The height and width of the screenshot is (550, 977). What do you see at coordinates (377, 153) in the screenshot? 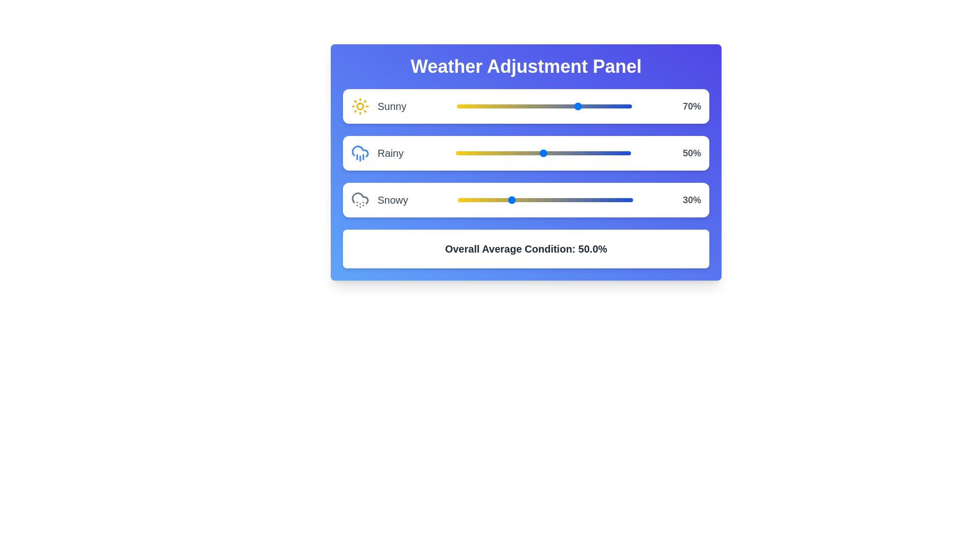
I see `the 'Rainy' label element with the associated cloud icon, which is part of the weather conditions panel` at bounding box center [377, 153].